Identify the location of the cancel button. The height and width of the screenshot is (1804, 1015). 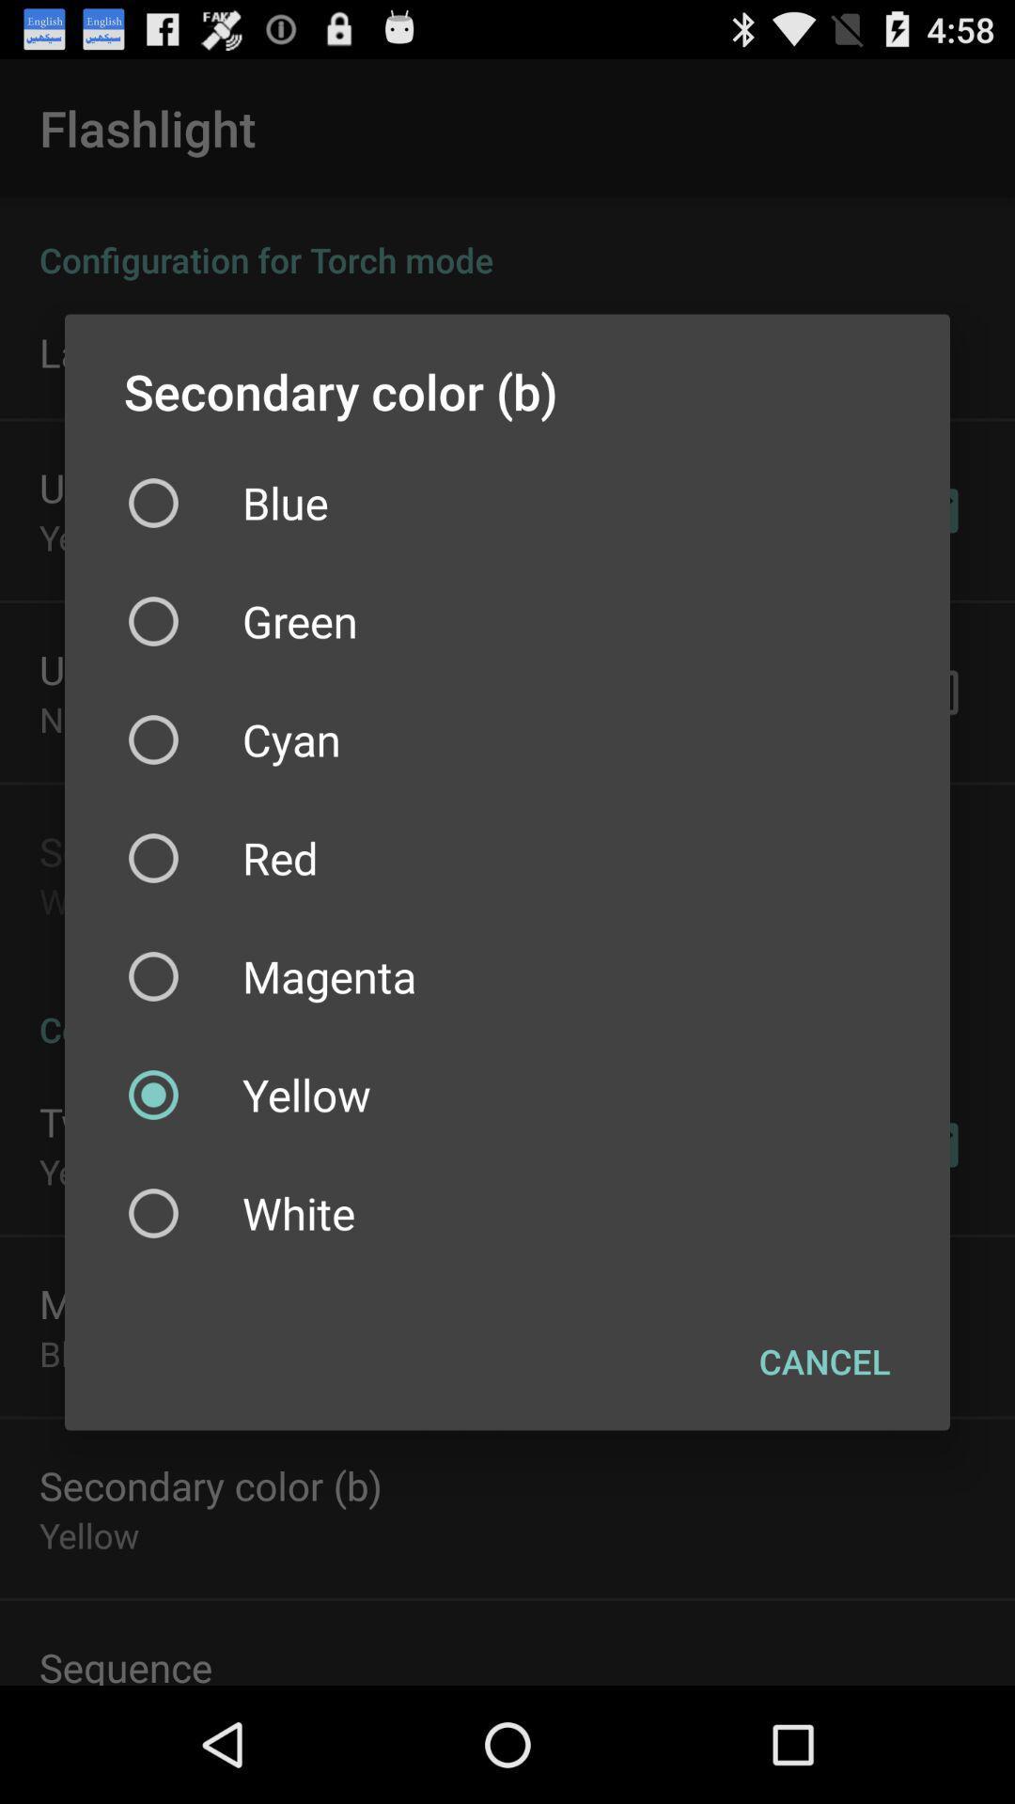
(823, 1361).